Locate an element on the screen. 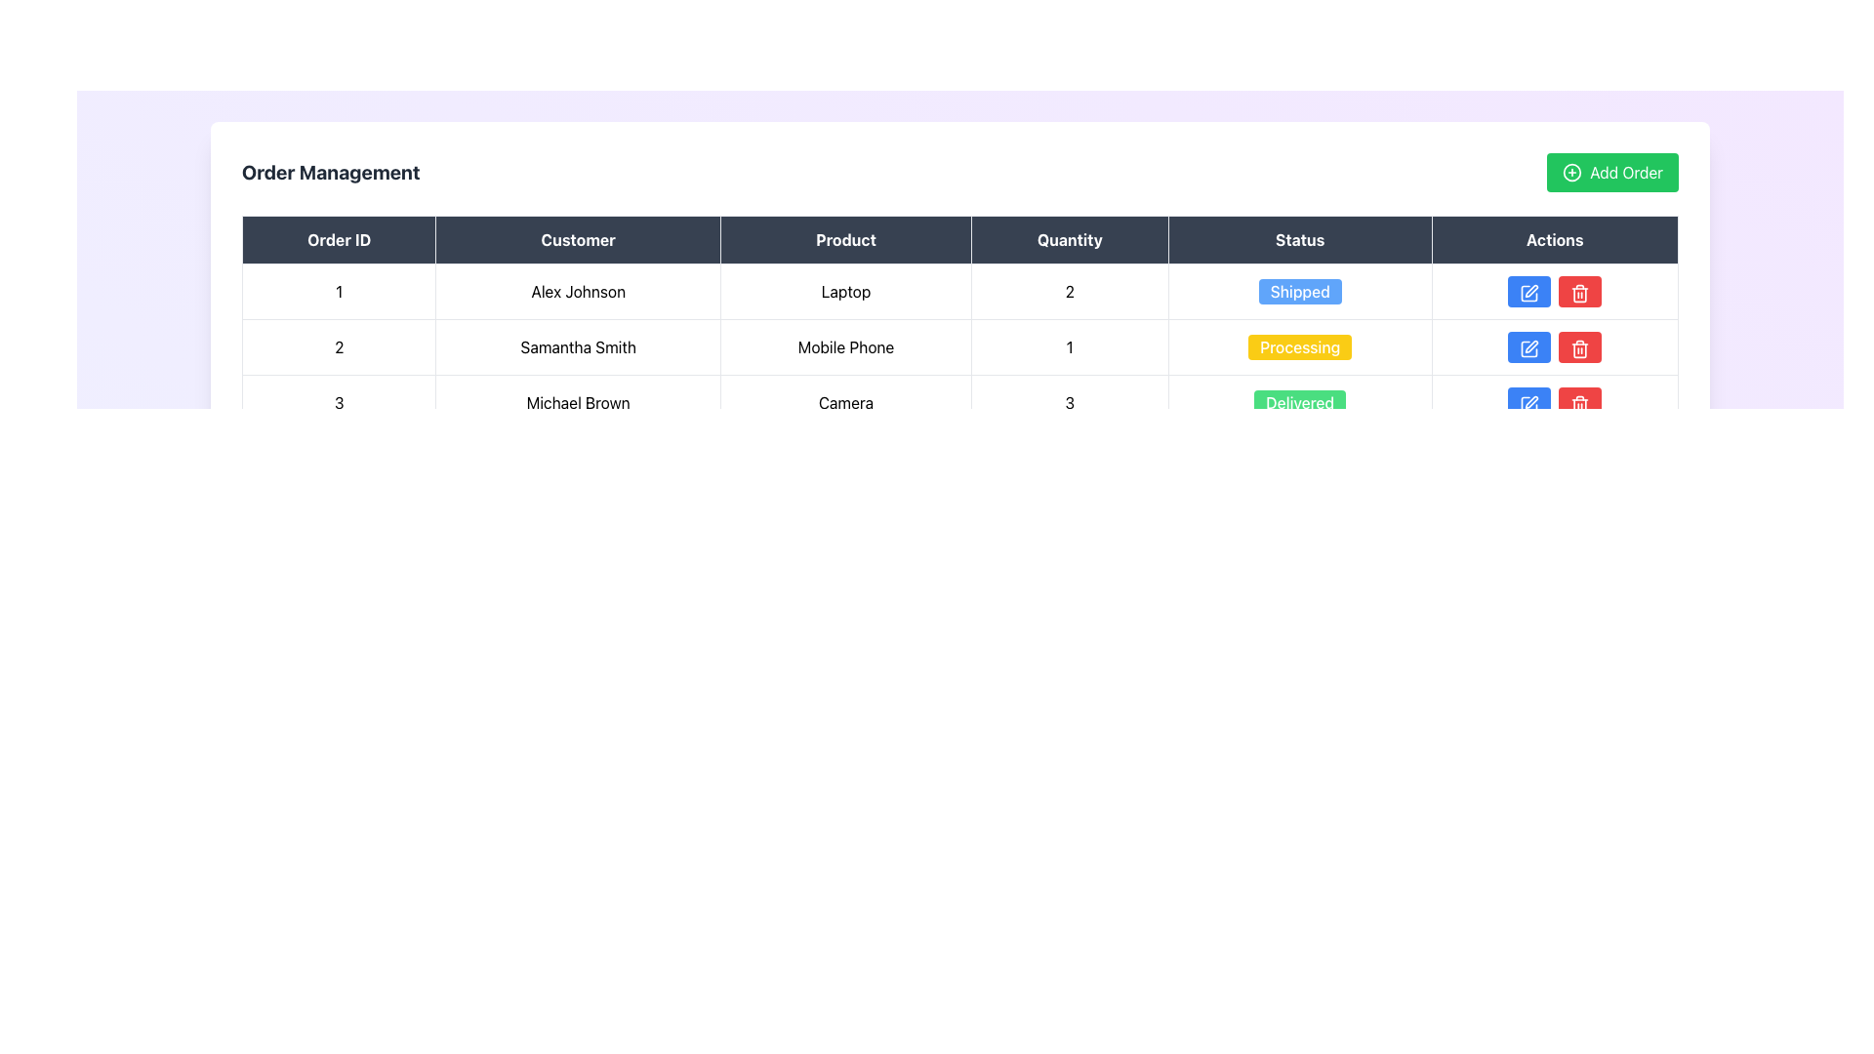  the status label indicating 'Delivered' for Order ID 3, Customer Michael Brown, which is a green rounded rectangle with white text is located at coordinates (1300, 401).